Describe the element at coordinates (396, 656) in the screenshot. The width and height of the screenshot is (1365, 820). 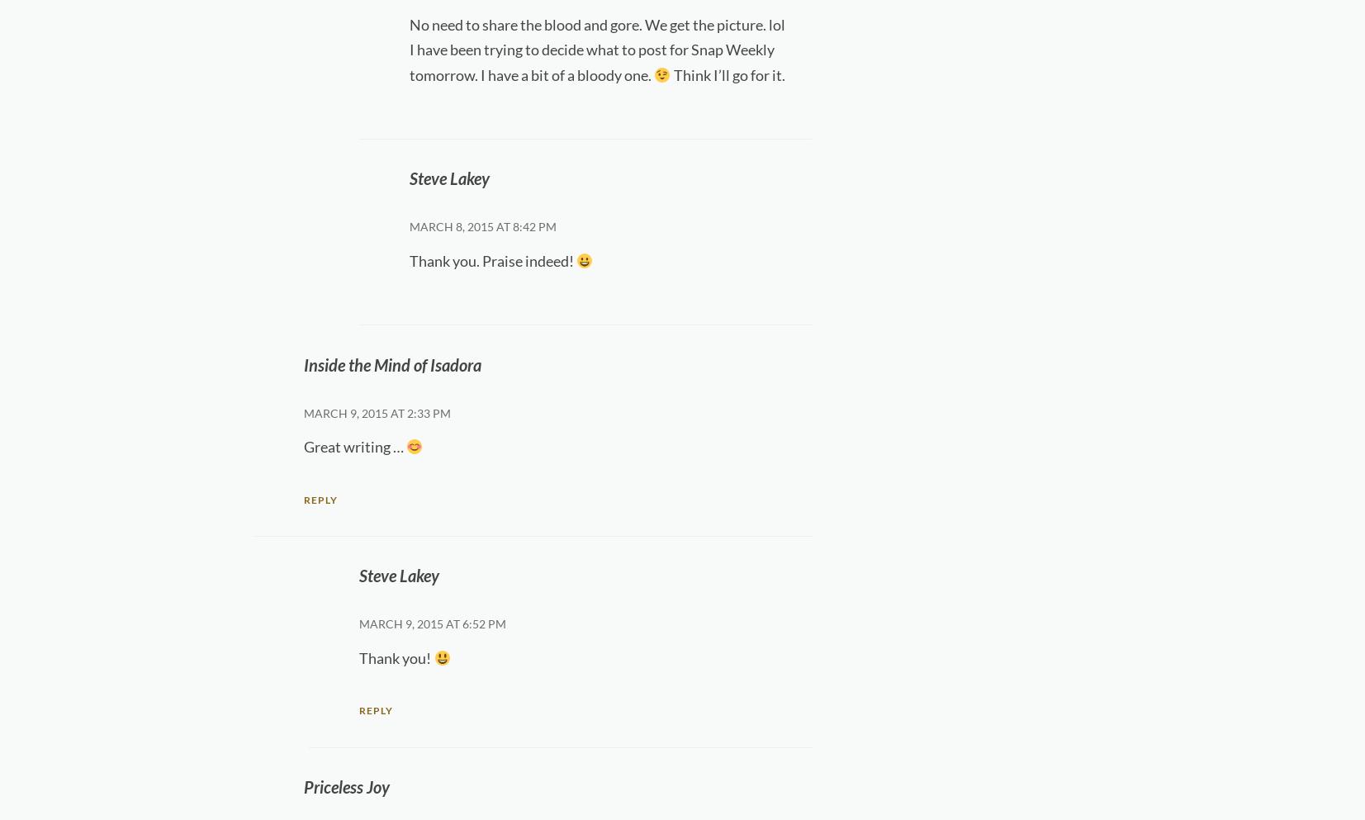
I see `'Thank you!'` at that location.